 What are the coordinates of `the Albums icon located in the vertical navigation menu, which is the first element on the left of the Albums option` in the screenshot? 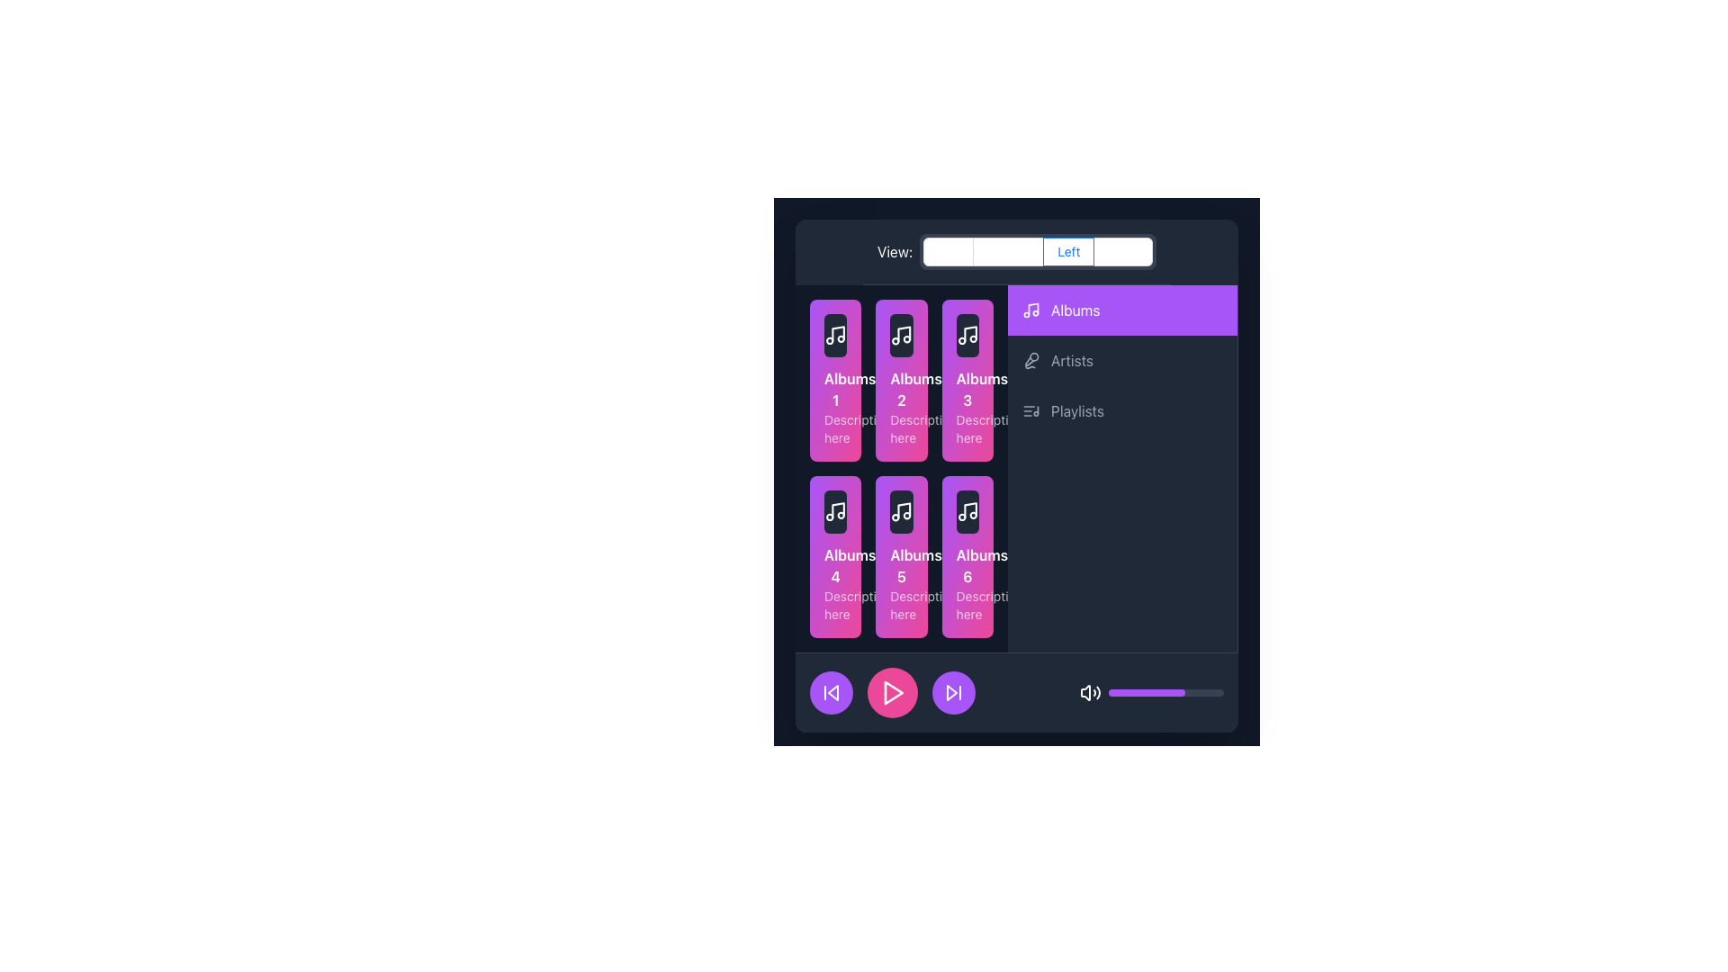 It's located at (1031, 309).